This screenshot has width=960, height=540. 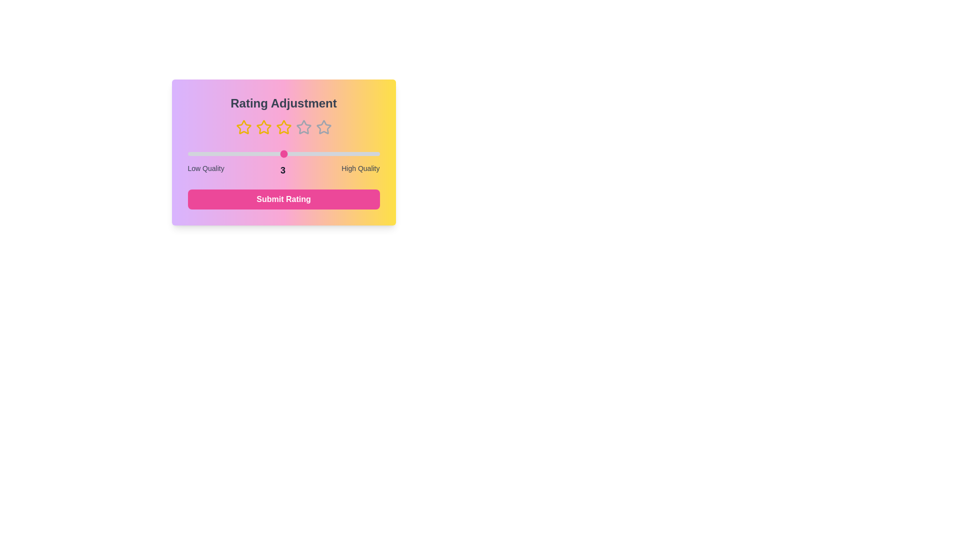 I want to click on the 'Submit Rating' button to finalize the rating, so click(x=283, y=199).